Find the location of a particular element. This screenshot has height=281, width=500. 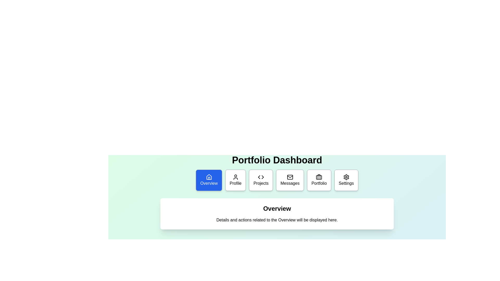

the programming icon associated with the 'Projects' section in the portfolio dashboard, which is the third icon in the horizontal navigation menu under the title 'Portfolio Dashboard' is located at coordinates (261, 177).